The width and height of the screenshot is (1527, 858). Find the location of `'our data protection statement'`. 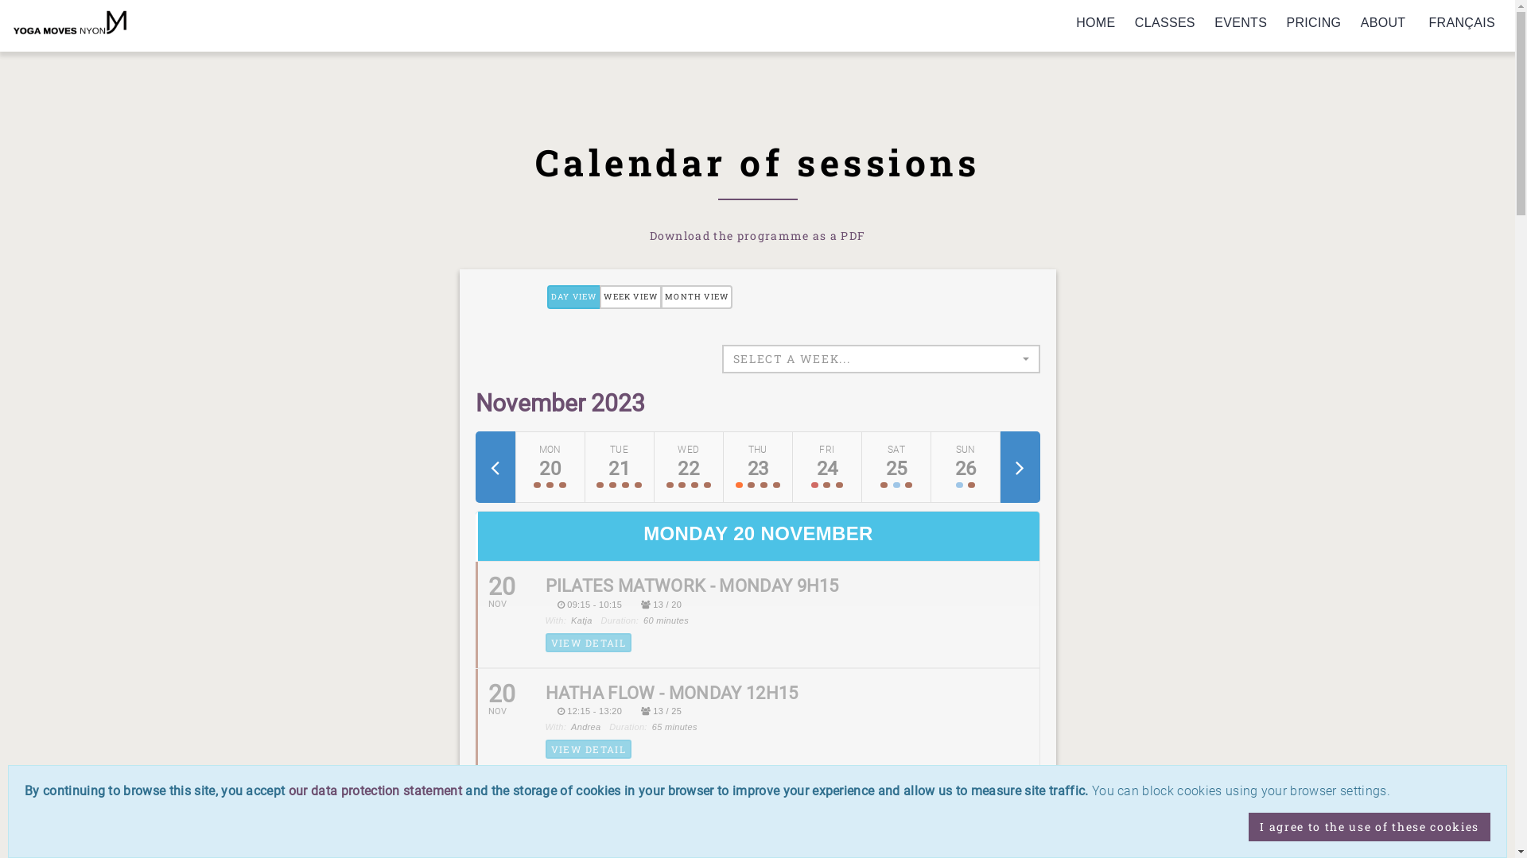

'our data protection statement' is located at coordinates (374, 790).